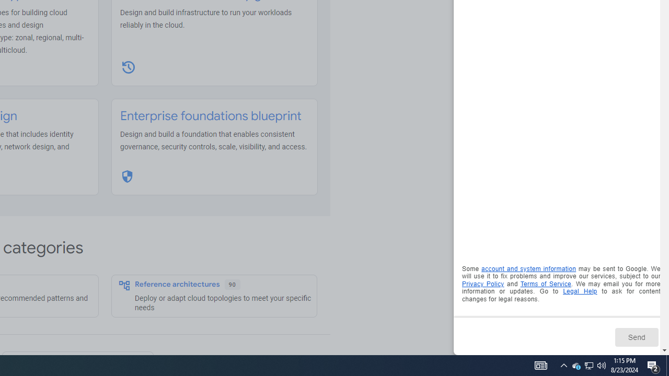  Describe the element at coordinates (579, 291) in the screenshot. I see `'Opens in a new tab. Legal Help'` at that location.